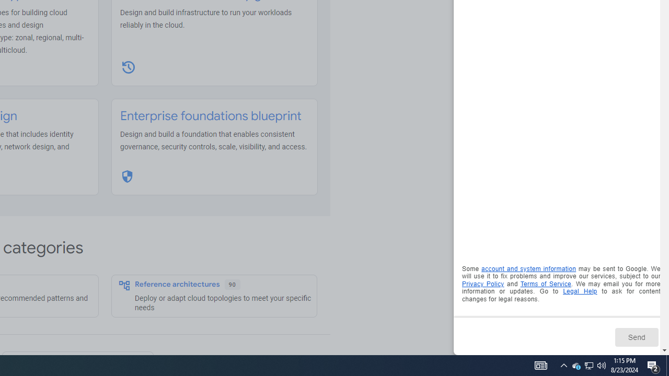  Describe the element at coordinates (579, 291) in the screenshot. I see `'Opens in a new tab. Legal Help'` at that location.